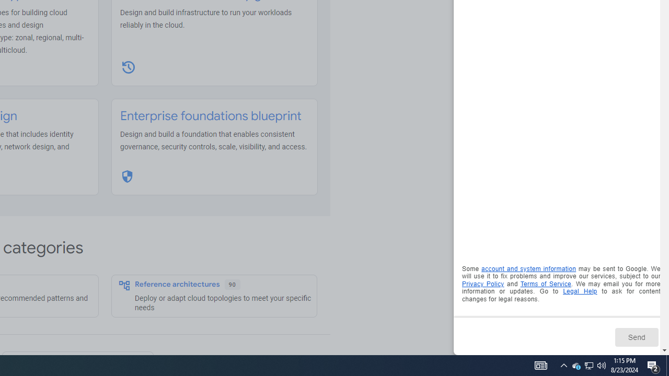  Describe the element at coordinates (579, 291) in the screenshot. I see `'Opens in a new tab. Legal Help'` at that location.